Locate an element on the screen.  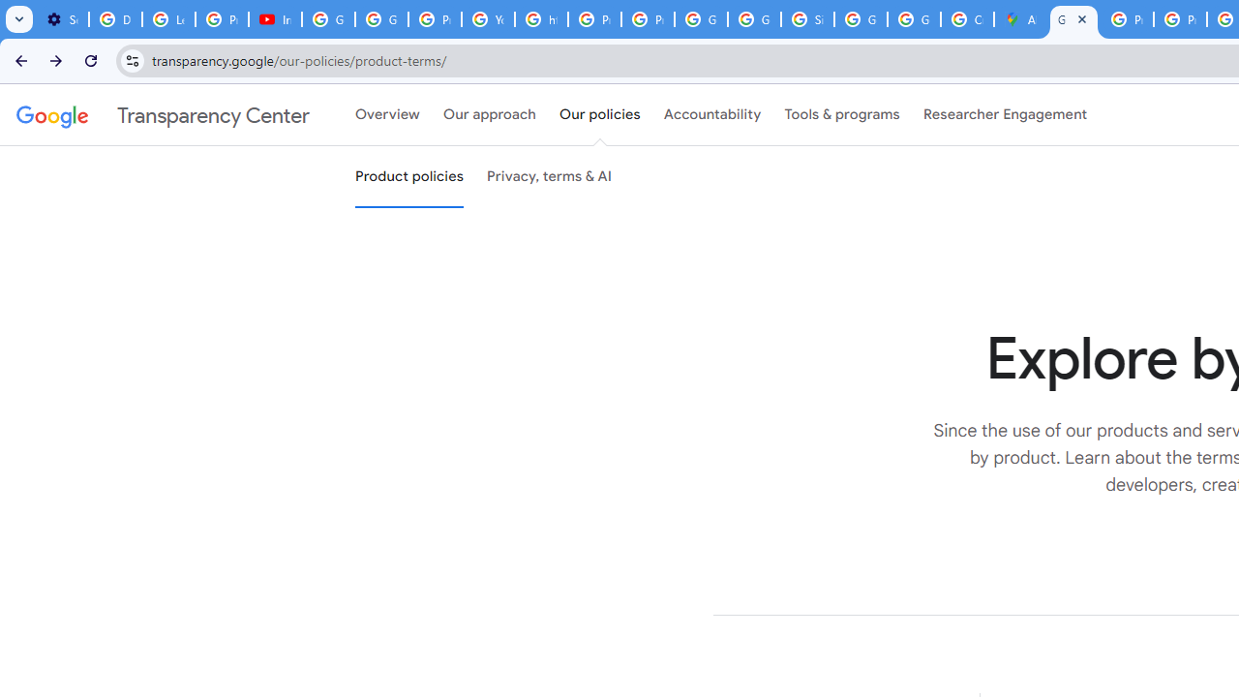
'Introduction | Google Privacy Policy - YouTube' is located at coordinates (274, 19).